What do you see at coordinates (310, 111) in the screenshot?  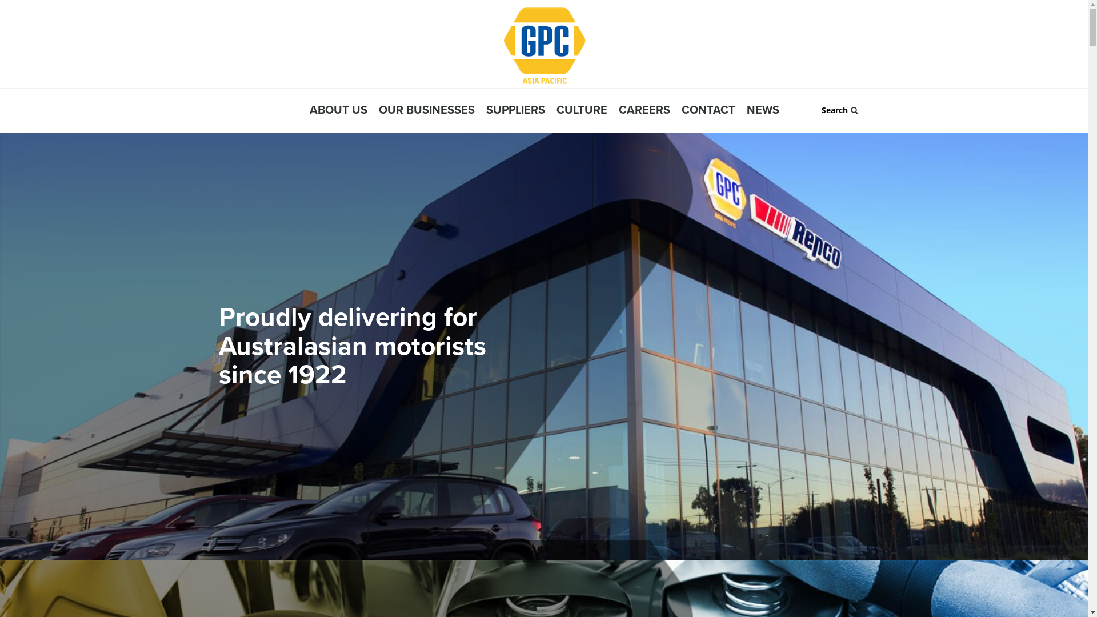 I see `'ABOUT US'` at bounding box center [310, 111].